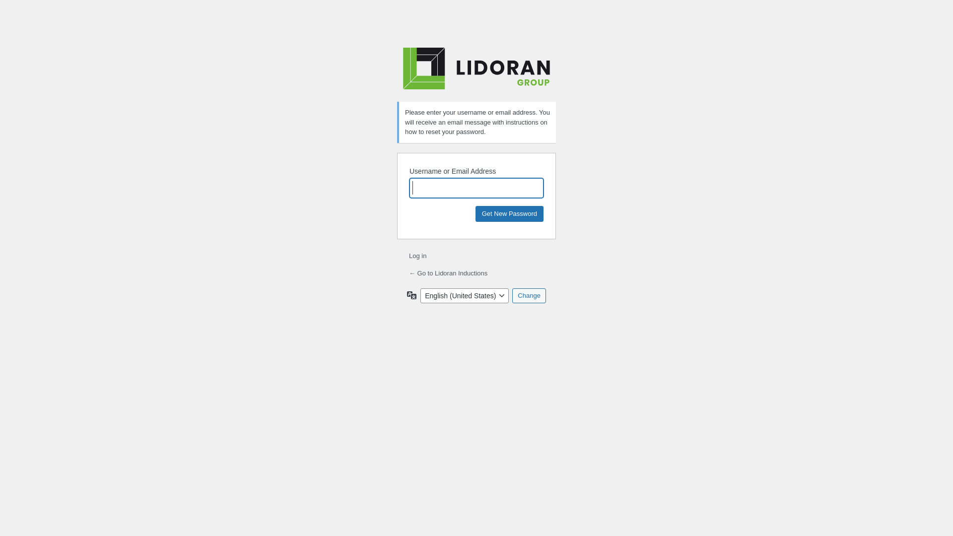 The image size is (953, 536). Describe the element at coordinates (512, 294) in the screenshot. I see `'Change'` at that location.